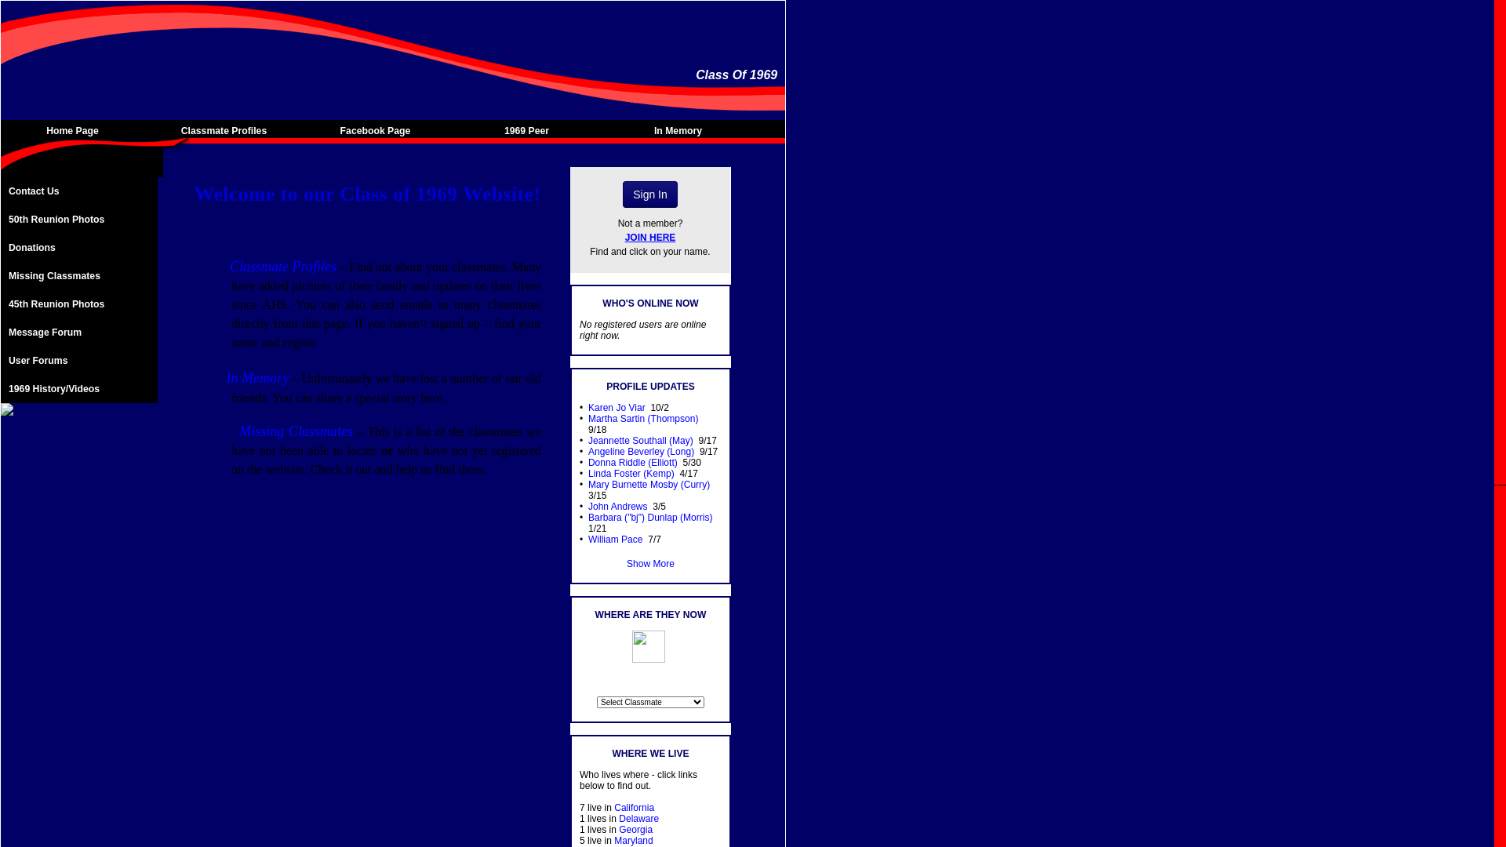  What do you see at coordinates (640, 441) in the screenshot?
I see `'Jeannette Southall (May)'` at bounding box center [640, 441].